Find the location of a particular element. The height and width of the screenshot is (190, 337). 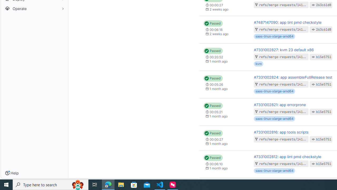

'Operate' is located at coordinates (34, 8).